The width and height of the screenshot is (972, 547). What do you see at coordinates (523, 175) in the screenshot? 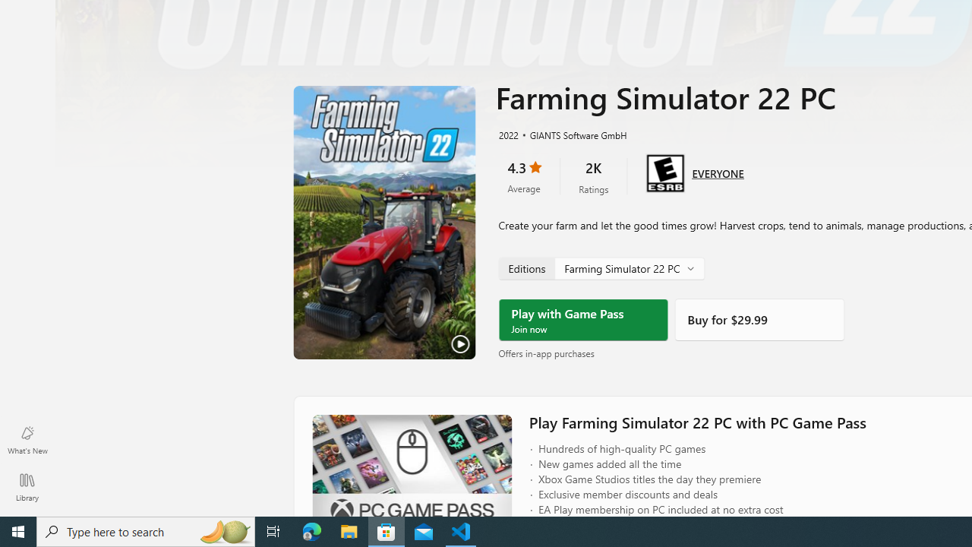
I see `'4.3 stars. Click to skip to ratings and reviews'` at bounding box center [523, 175].